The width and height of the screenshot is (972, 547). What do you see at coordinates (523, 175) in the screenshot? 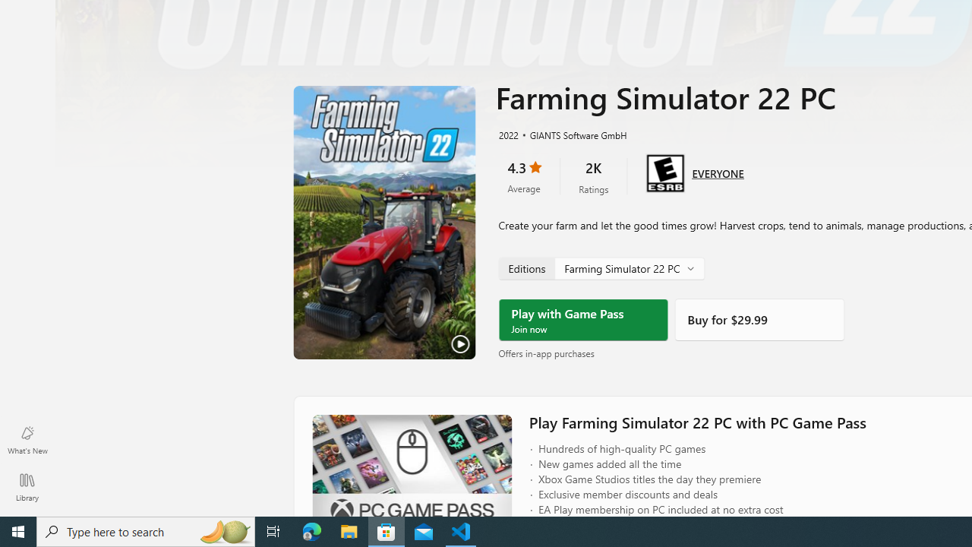
I see `'4.3 stars. Click to skip to ratings and reviews'` at bounding box center [523, 175].